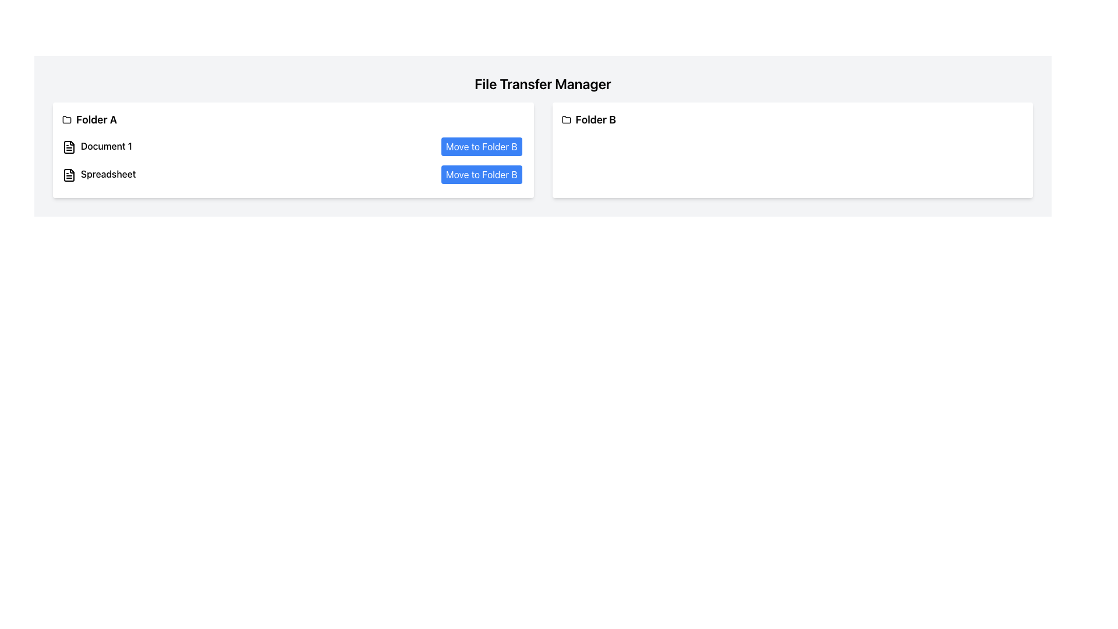  Describe the element at coordinates (482, 175) in the screenshot. I see `the 'Move to Folder B' button, which is styled with a blue background and white text` at that location.